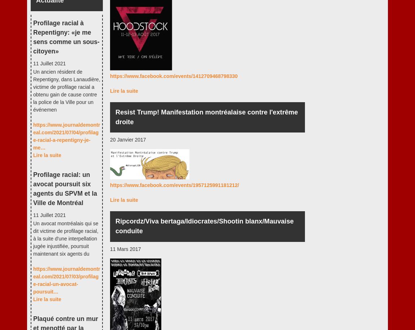 This screenshot has width=415, height=330. I want to click on 'Resist Trump! Manifestation montréalaise contre l'extrême droite', so click(206, 116).